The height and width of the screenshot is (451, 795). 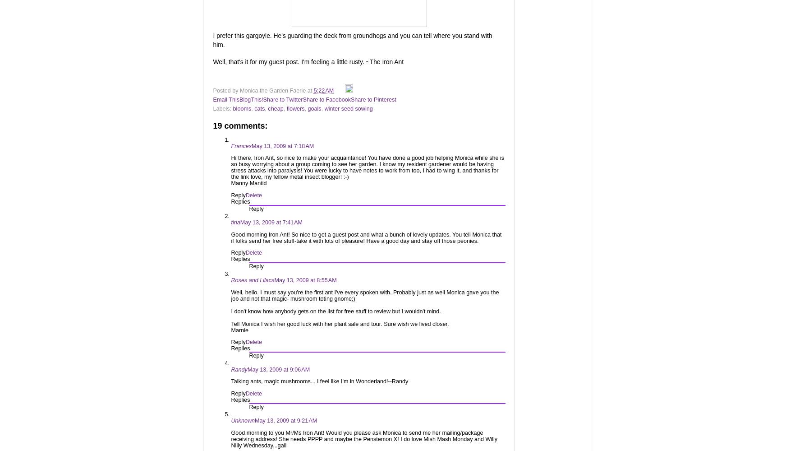 I want to click on 'Good morning to you Mr/Ms  Iron Ant!  Would you please ask Monica to send me her mailing/package receiving address!  She  needs PPPP  and maybe the Penstemon X!  I do love Mish Mash Monday and Willy Nilly Wednesday...gail', so click(x=364, y=438).